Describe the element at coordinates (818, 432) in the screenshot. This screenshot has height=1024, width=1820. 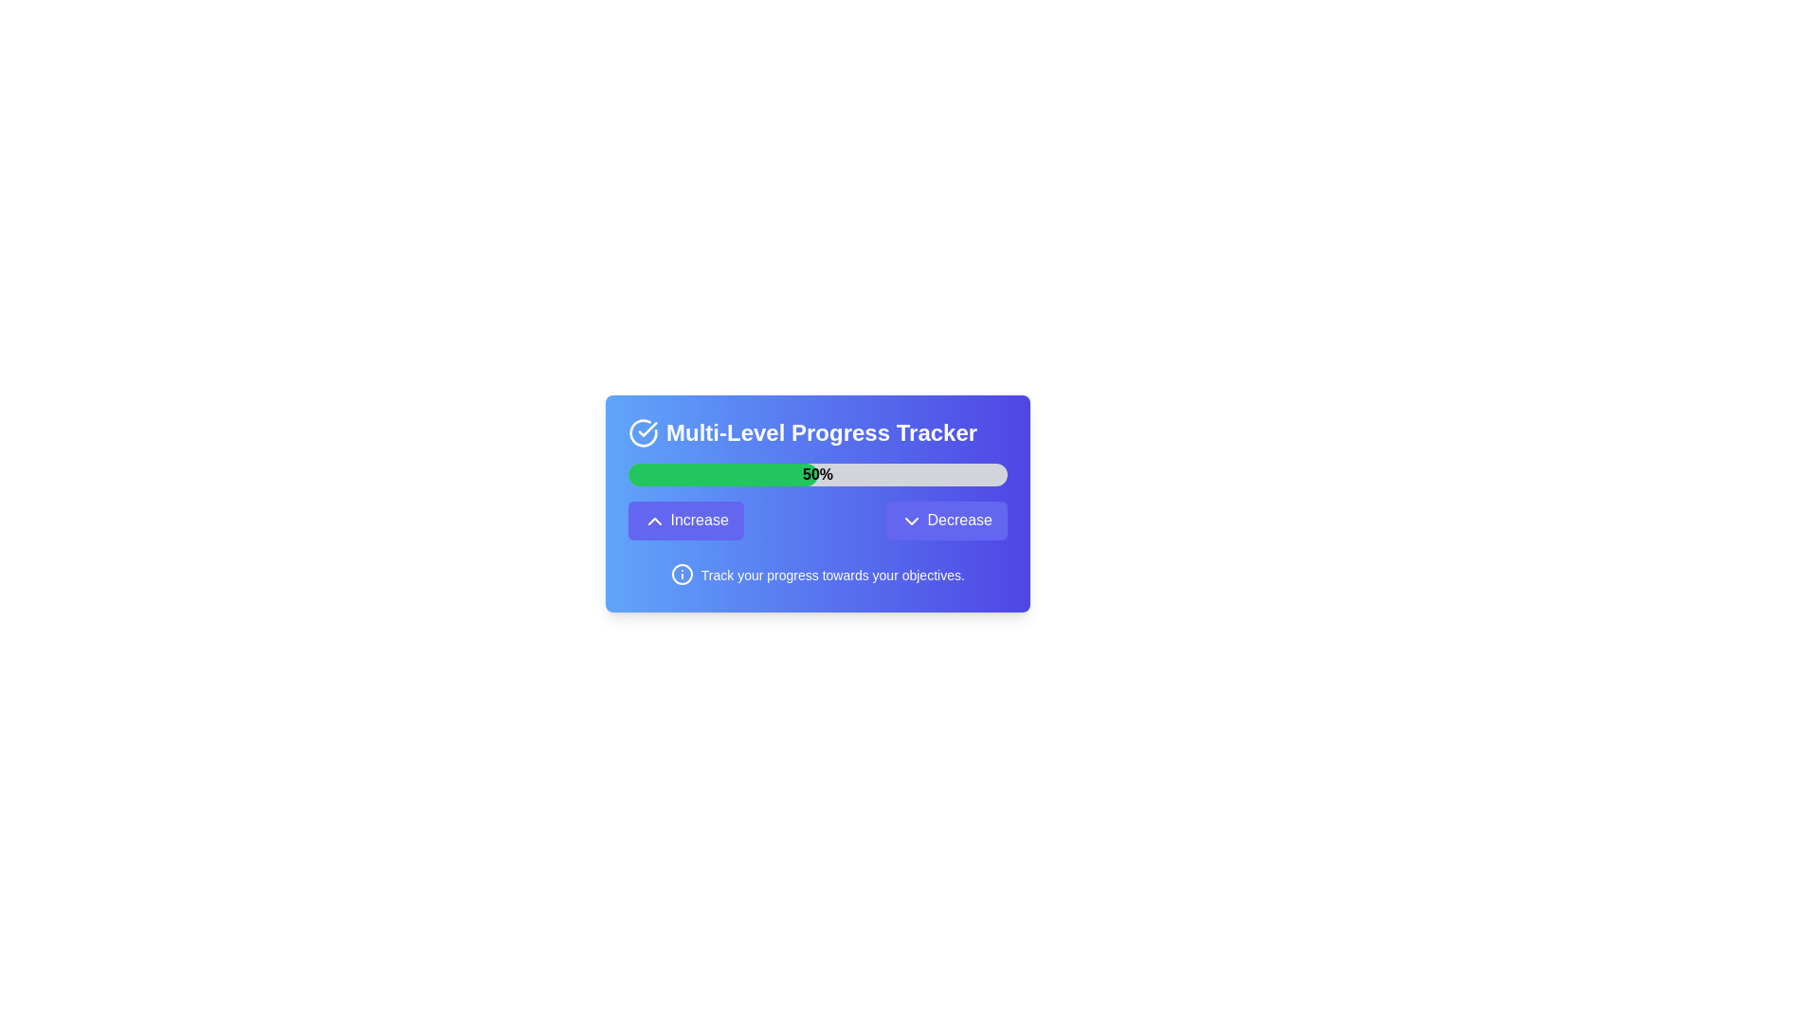
I see `the text heading 'Multi-Level Progress Tracker' with the circled checkmark icon` at that location.